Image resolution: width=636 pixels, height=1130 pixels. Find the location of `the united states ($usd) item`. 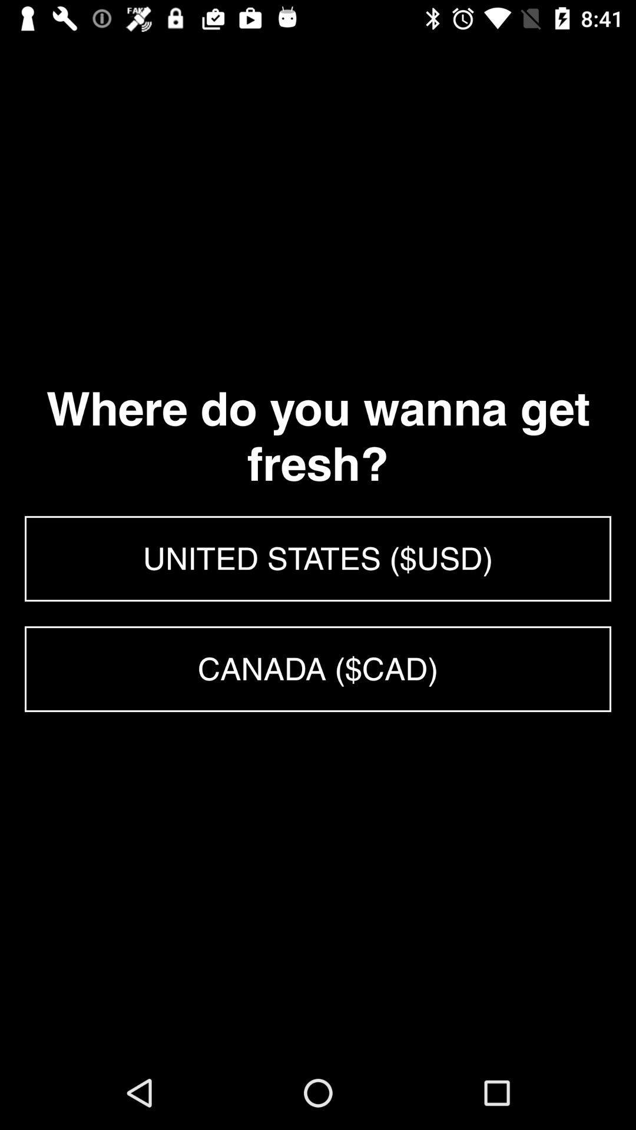

the united states ($usd) item is located at coordinates (318, 558).